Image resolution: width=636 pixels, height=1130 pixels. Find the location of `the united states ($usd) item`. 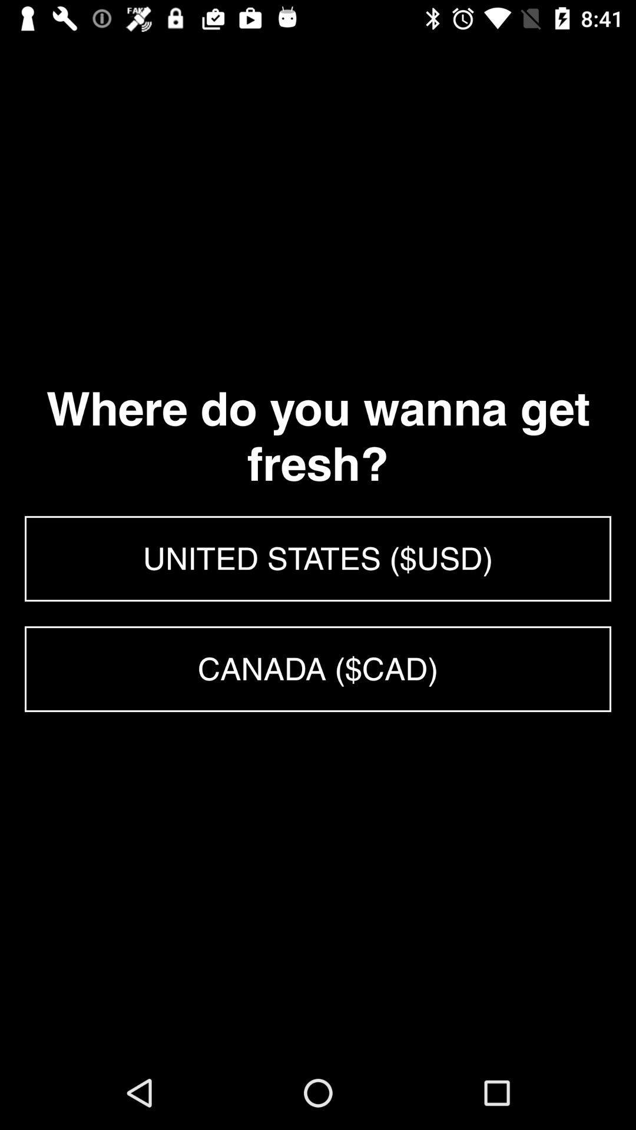

the united states ($usd) item is located at coordinates (318, 558).